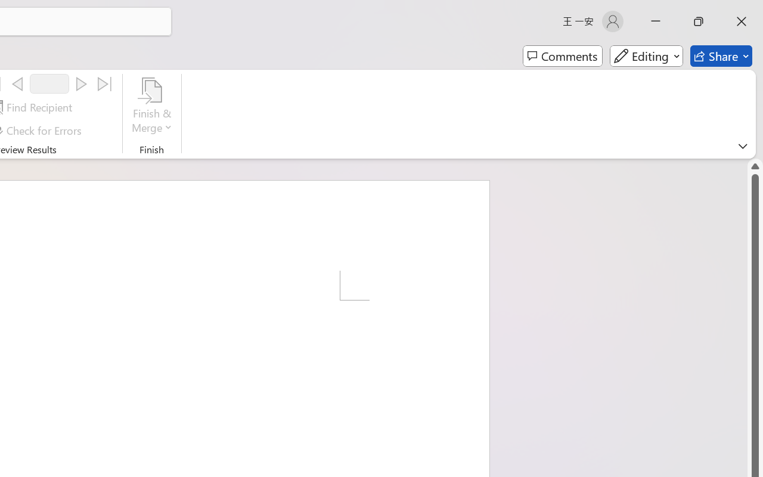  I want to click on 'Mode', so click(646, 56).